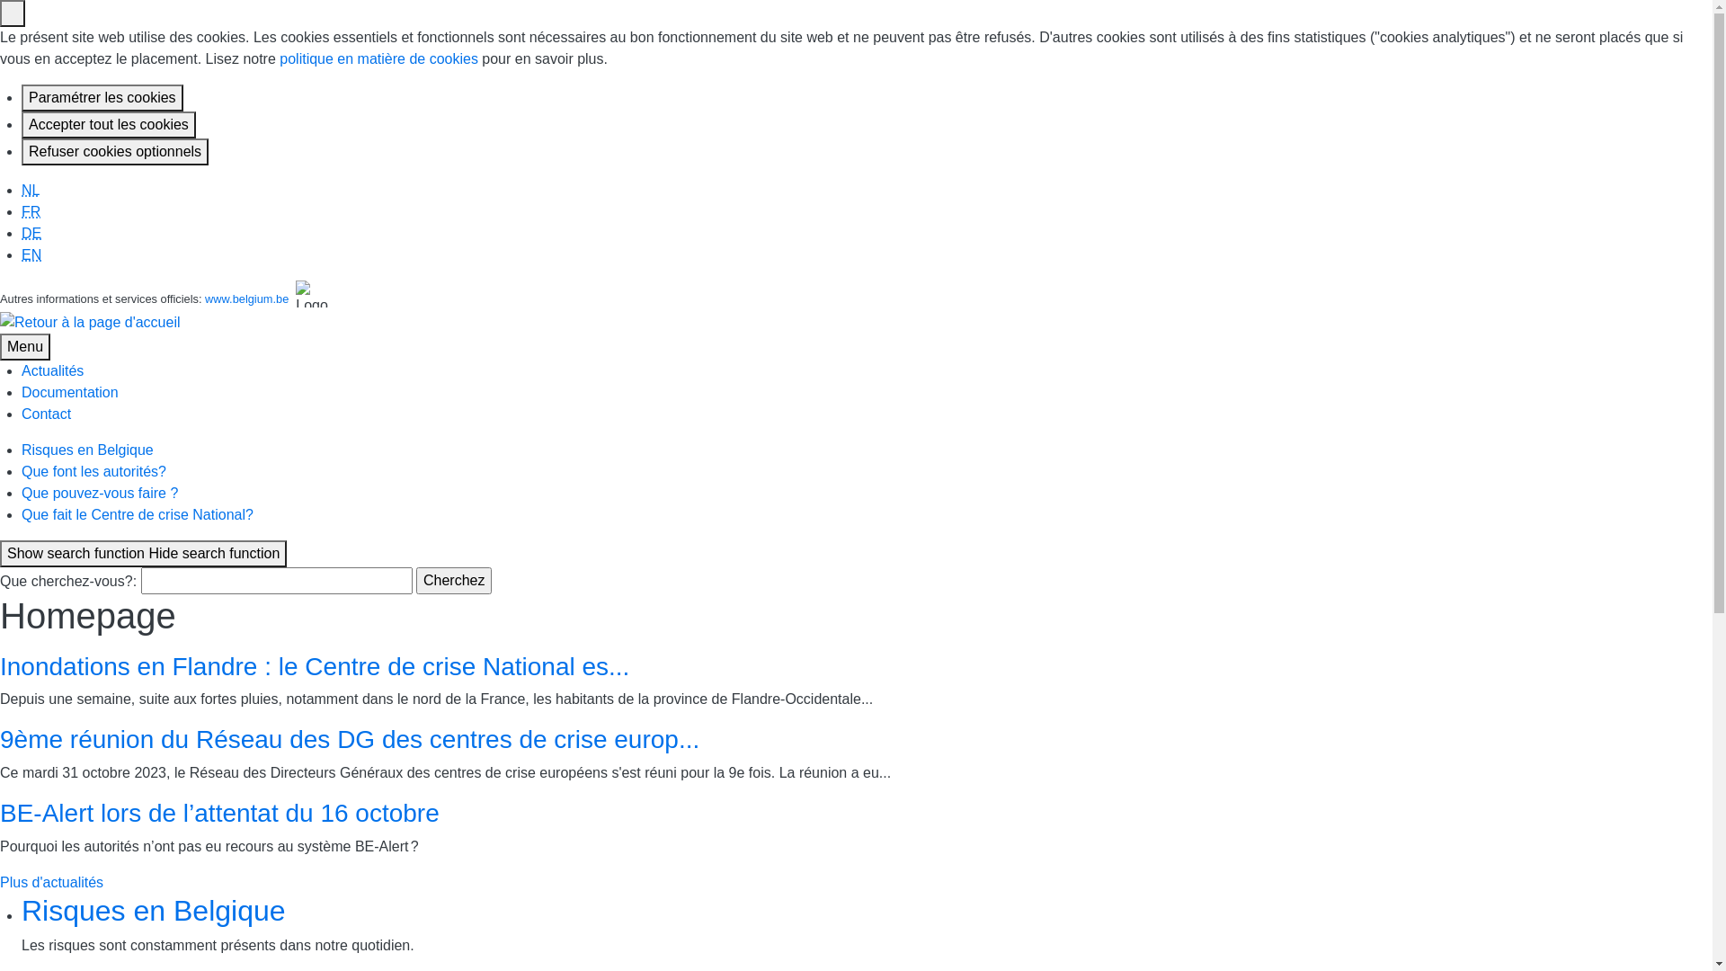  I want to click on 'Refuser cookies optionnels', so click(22, 151).